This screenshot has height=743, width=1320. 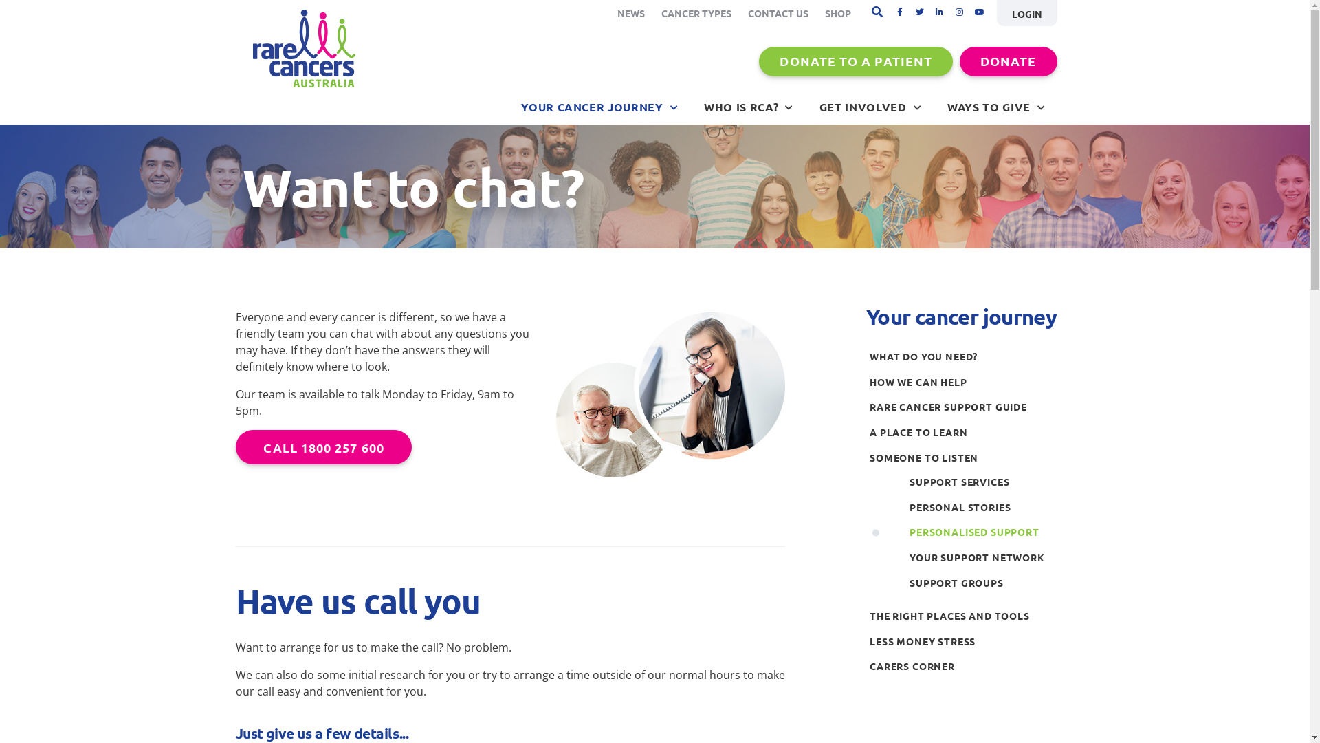 I want to click on 'LESS MONEY STRESS', so click(x=865, y=641).